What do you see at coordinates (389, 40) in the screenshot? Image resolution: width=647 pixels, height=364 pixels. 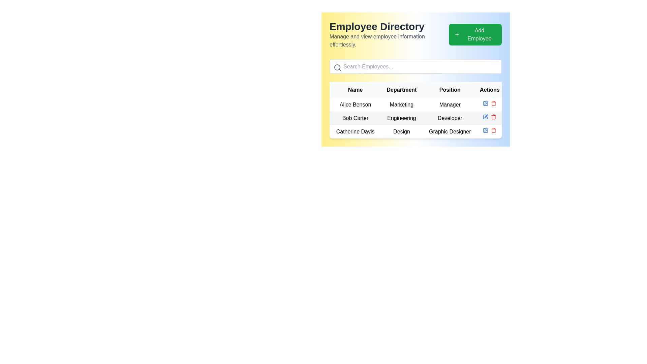 I see `the descriptive subtitle text label providing instructions for the 'Employee Directory' feature, located below the heading 'Employee Directory' in the yellow background header section` at bounding box center [389, 40].